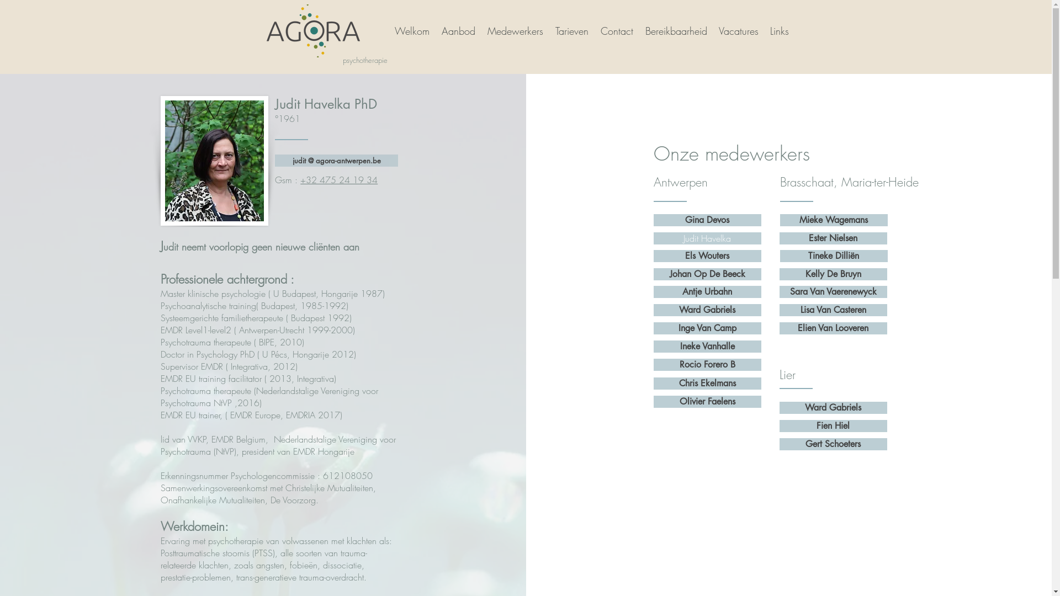  Describe the element at coordinates (707, 291) in the screenshot. I see `'Antje Urbahn'` at that location.